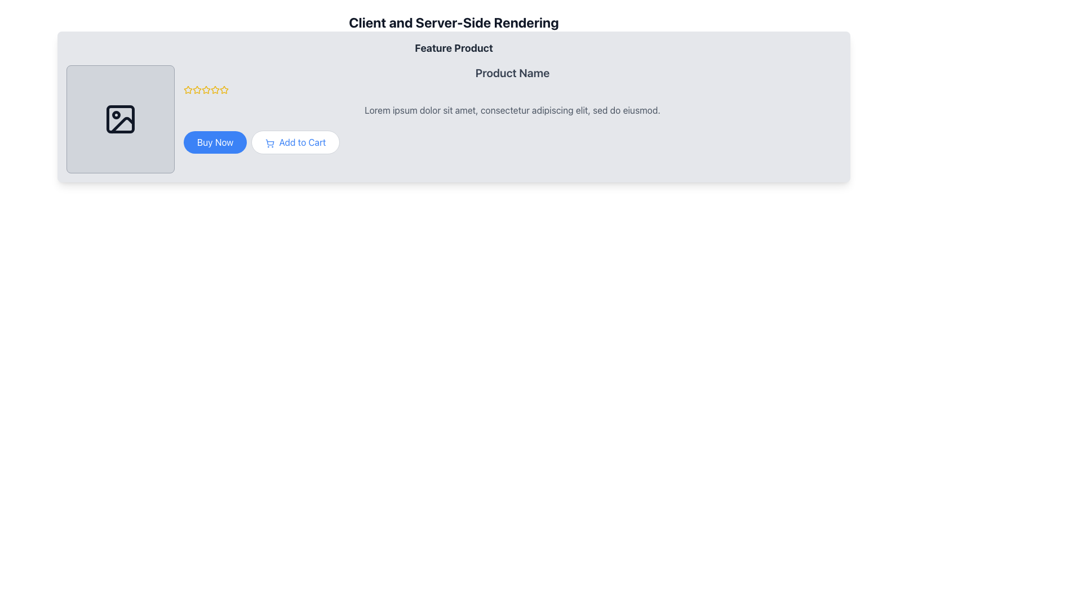 The width and height of the screenshot is (1082, 608). What do you see at coordinates (269, 142) in the screenshot?
I see `the small blue shopping cart icon` at bounding box center [269, 142].